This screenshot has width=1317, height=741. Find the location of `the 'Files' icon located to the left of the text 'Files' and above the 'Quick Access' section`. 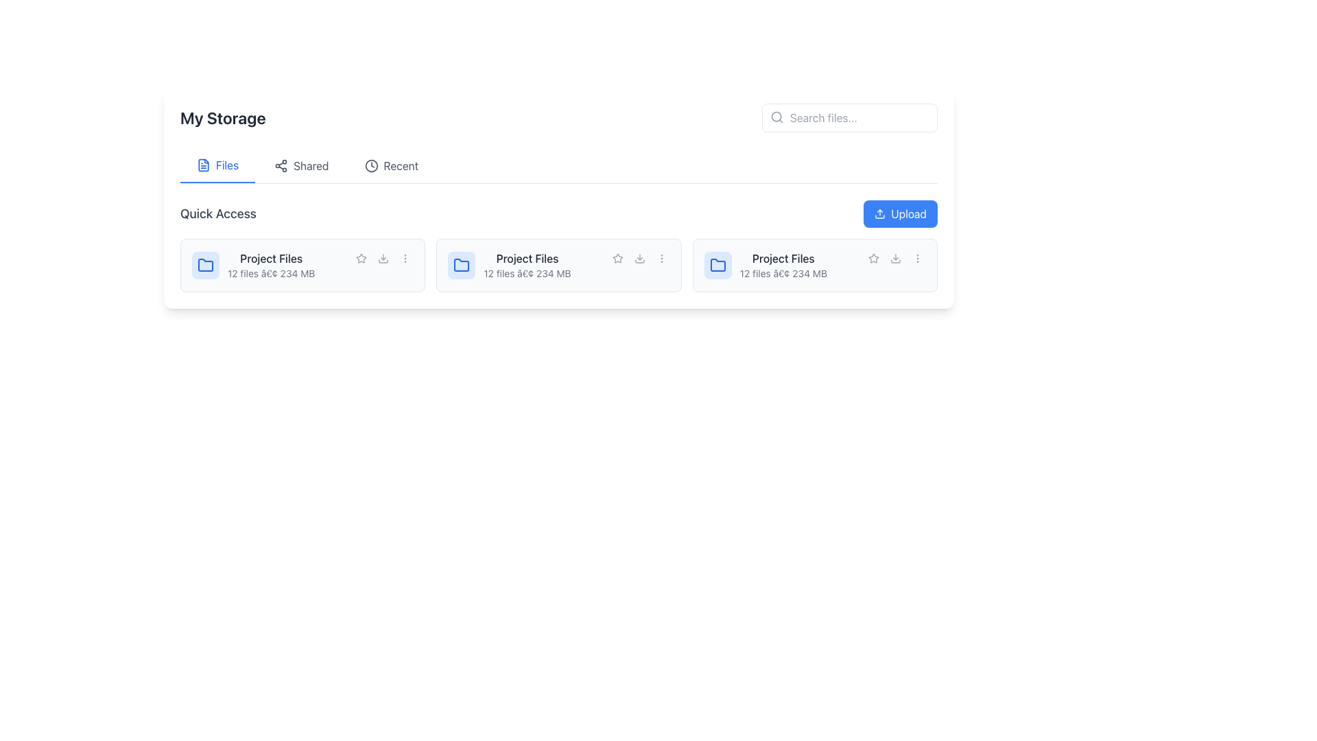

the 'Files' icon located to the left of the text 'Files' and above the 'Quick Access' section is located at coordinates (203, 164).